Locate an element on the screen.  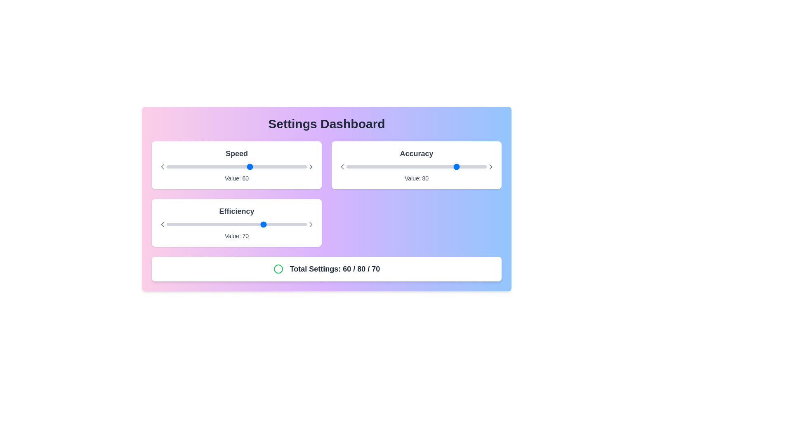
the slider is located at coordinates (257, 167).